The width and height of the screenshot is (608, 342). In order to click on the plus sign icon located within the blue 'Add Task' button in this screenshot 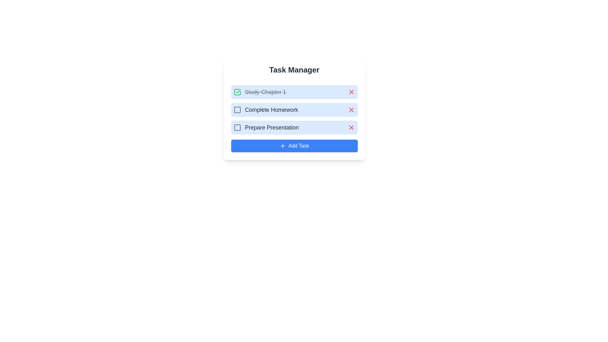, I will do `click(282, 146)`.